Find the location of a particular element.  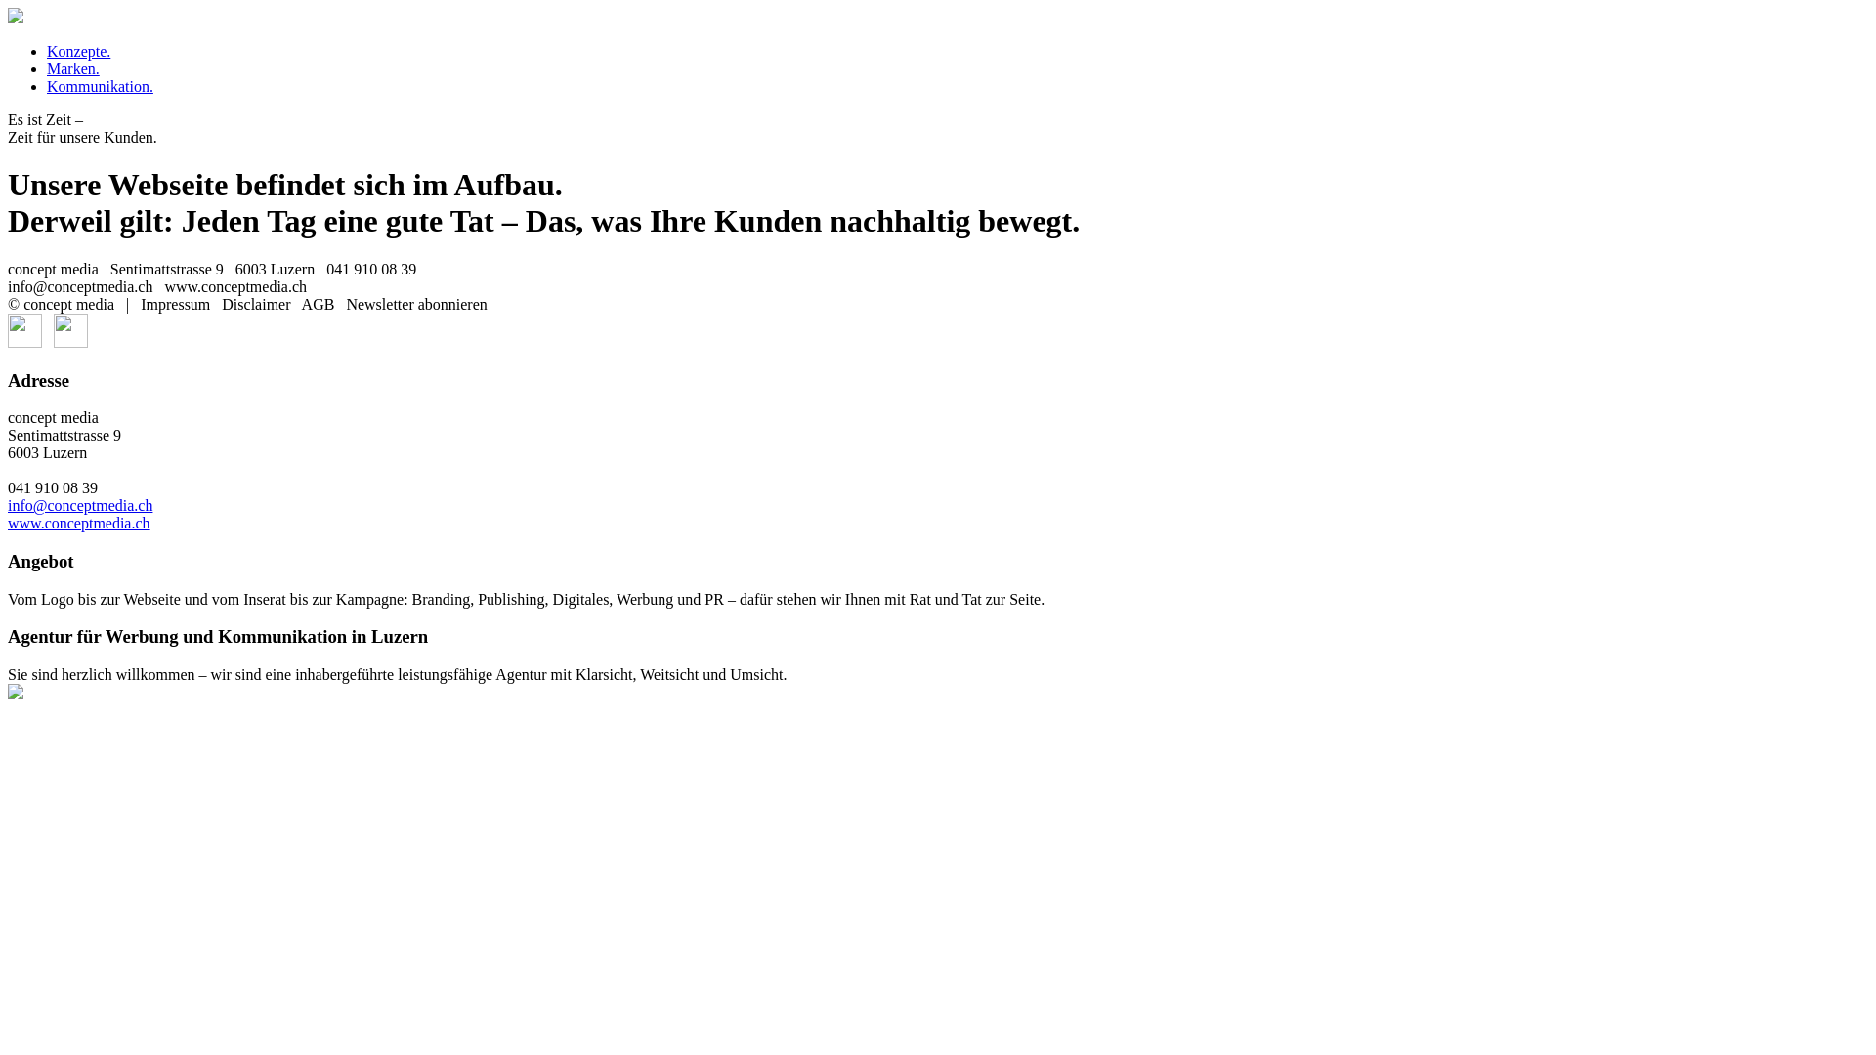

'Konzepte.' is located at coordinates (78, 50).